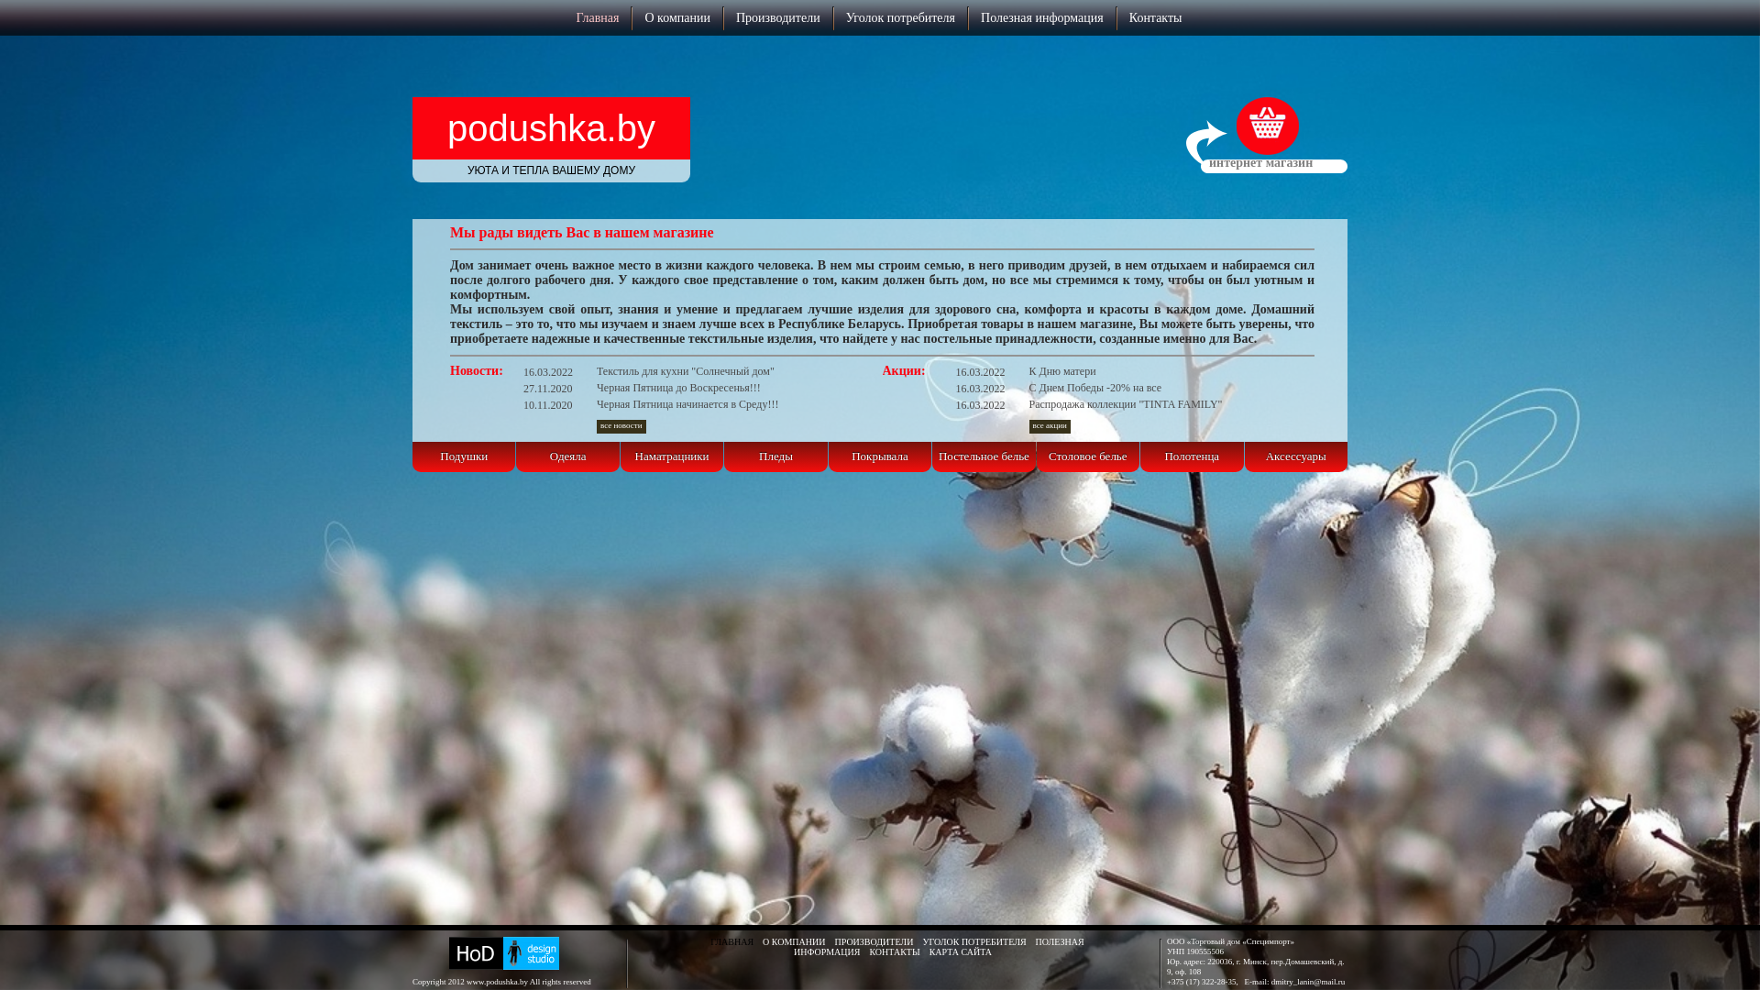 The width and height of the screenshot is (1760, 990). Describe the element at coordinates (1270, 981) in the screenshot. I see `'dmitry_lanin@mail.ru'` at that location.